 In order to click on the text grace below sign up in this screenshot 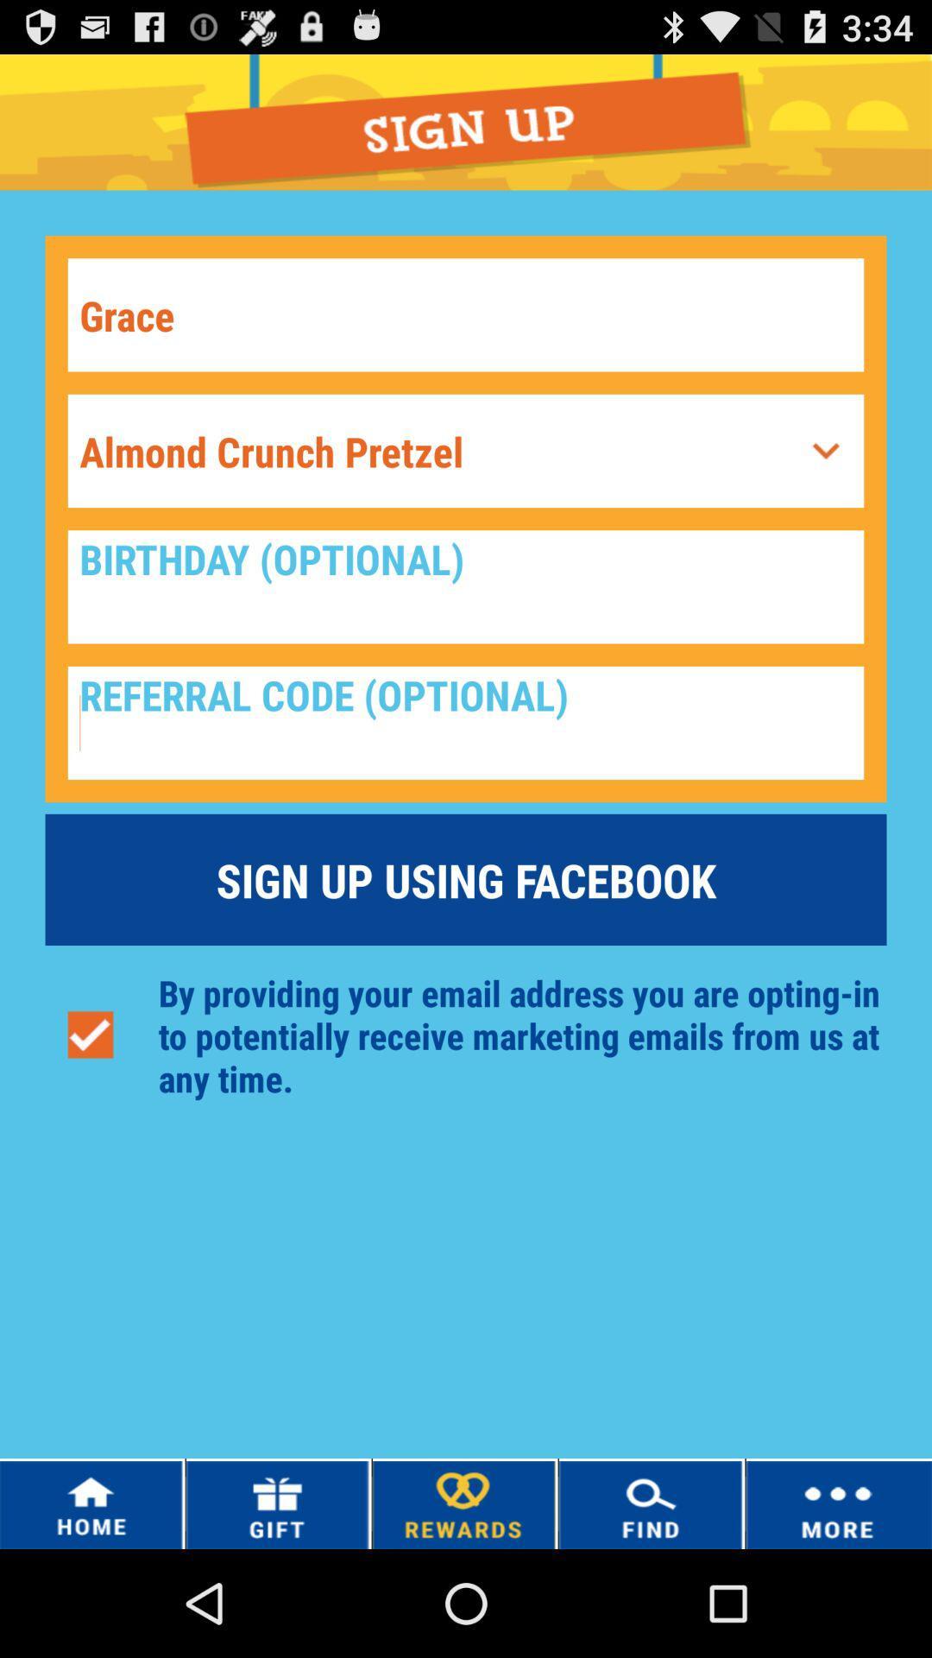, I will do `click(466, 314)`.